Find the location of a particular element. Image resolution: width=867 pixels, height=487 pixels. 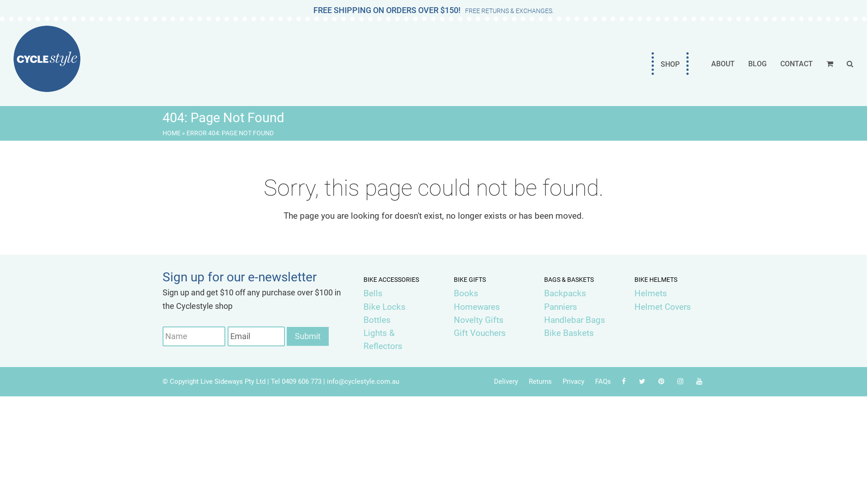

'Bike Locks' is located at coordinates (364, 306).